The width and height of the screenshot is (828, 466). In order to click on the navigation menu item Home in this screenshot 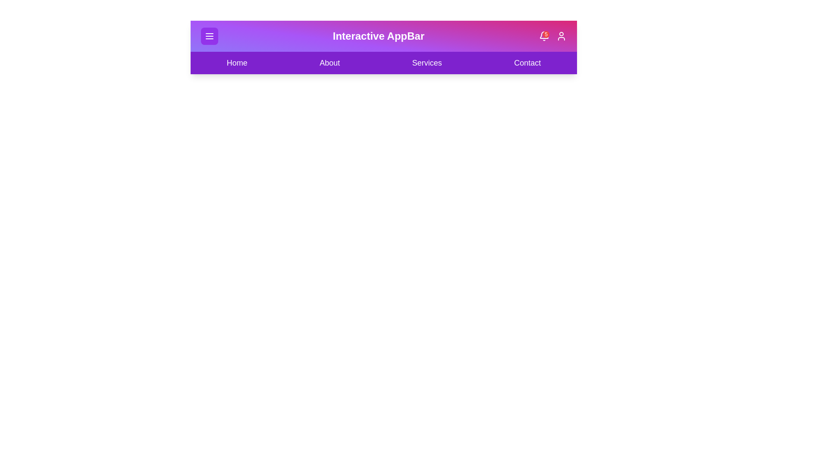, I will do `click(237, 63)`.